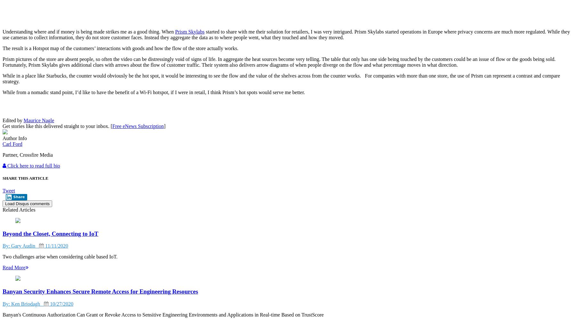  Describe the element at coordinates (23, 303) in the screenshot. I see `'By: Ken Briodagh'` at that location.